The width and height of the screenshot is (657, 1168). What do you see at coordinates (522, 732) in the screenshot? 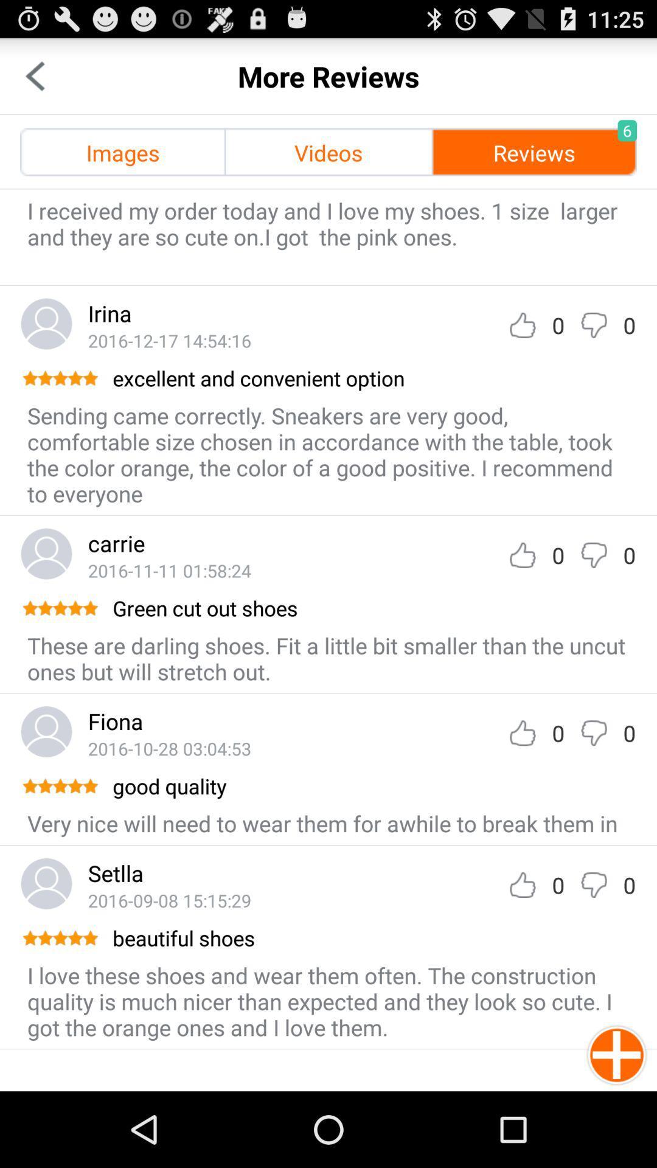
I see `like option` at bounding box center [522, 732].